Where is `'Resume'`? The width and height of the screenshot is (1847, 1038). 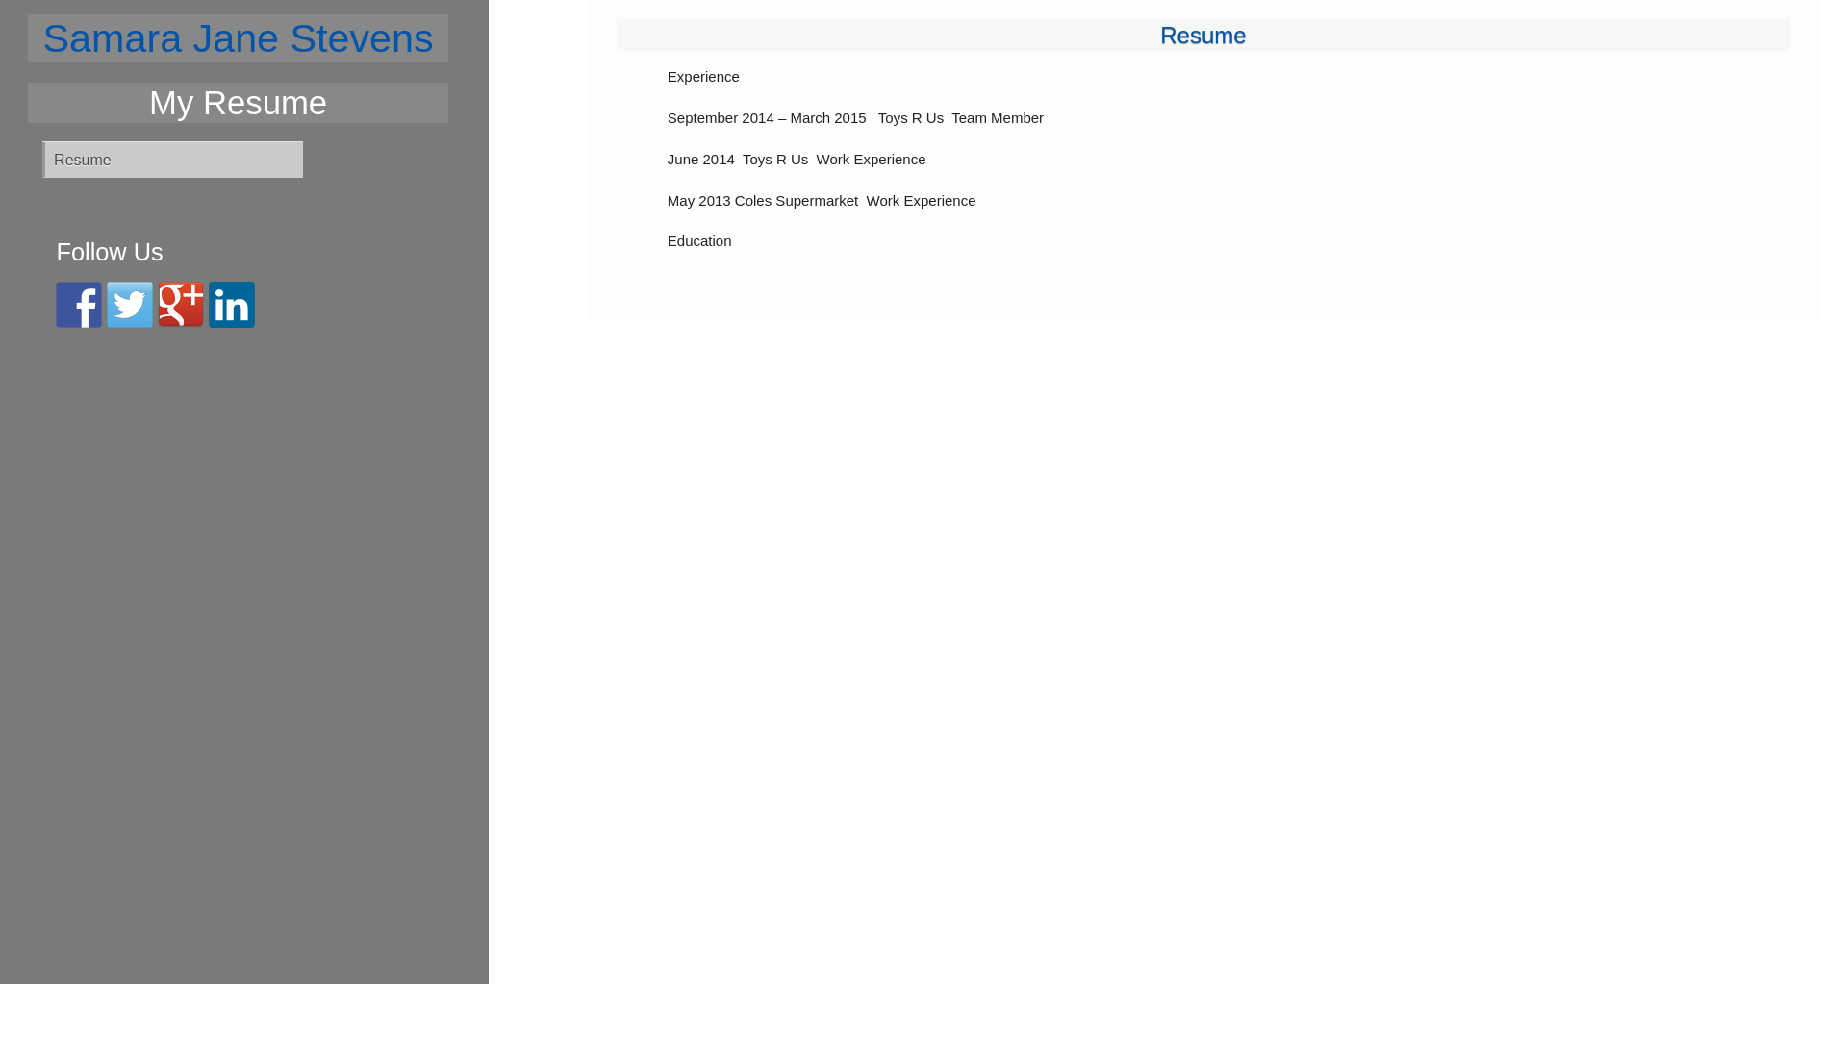
'Resume' is located at coordinates (172, 159).